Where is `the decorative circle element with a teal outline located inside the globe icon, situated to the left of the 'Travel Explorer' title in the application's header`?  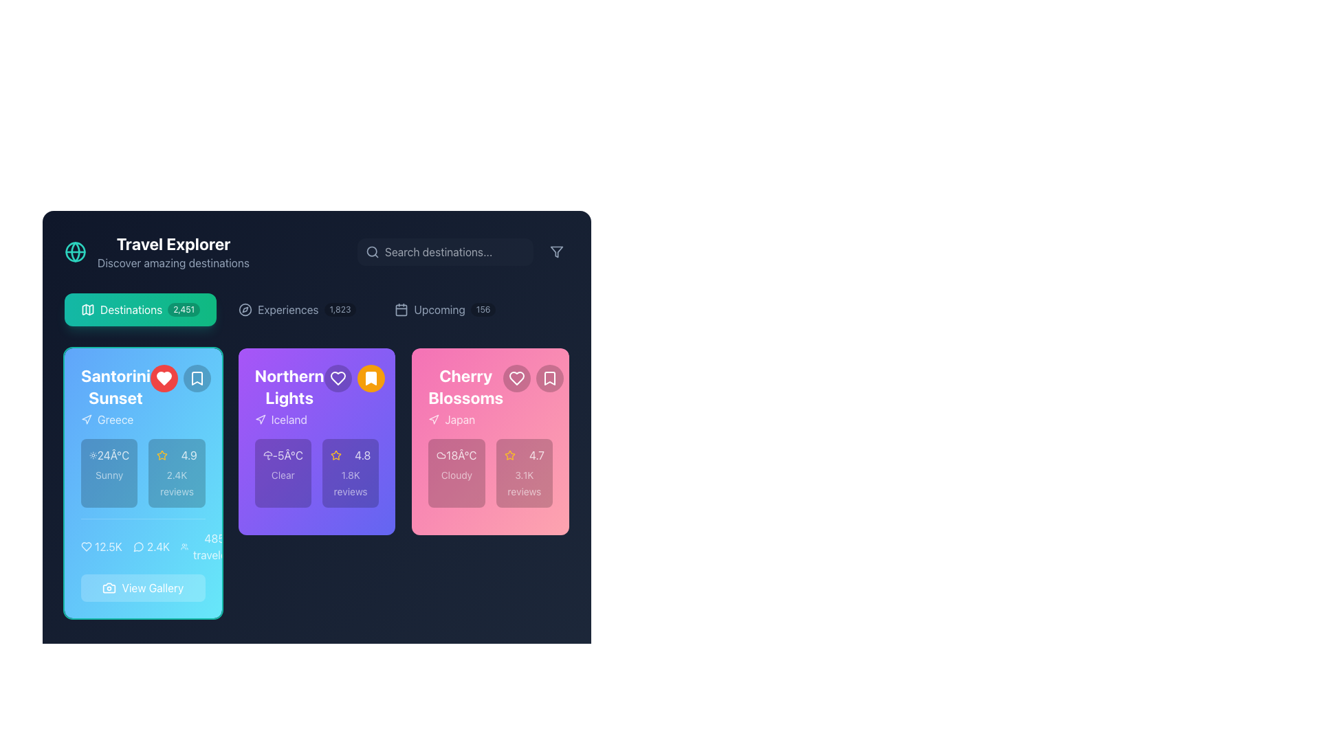
the decorative circle element with a teal outline located inside the globe icon, situated to the left of the 'Travel Explorer' title in the application's header is located at coordinates (75, 251).